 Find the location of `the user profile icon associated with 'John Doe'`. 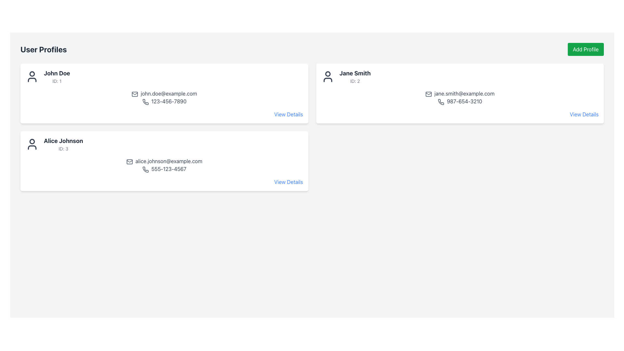

the user profile icon associated with 'John Doe' is located at coordinates (32, 76).